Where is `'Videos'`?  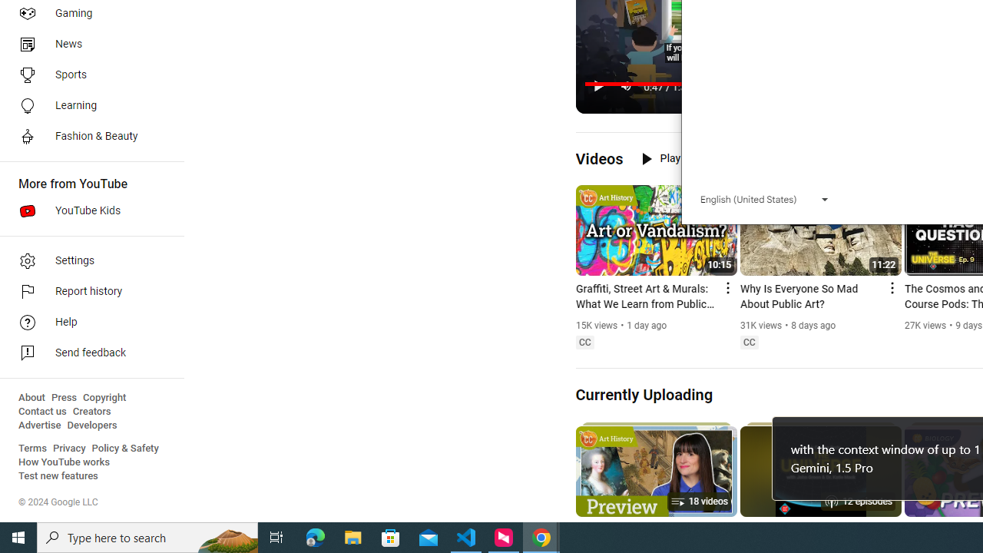
'Videos' is located at coordinates (598, 158).